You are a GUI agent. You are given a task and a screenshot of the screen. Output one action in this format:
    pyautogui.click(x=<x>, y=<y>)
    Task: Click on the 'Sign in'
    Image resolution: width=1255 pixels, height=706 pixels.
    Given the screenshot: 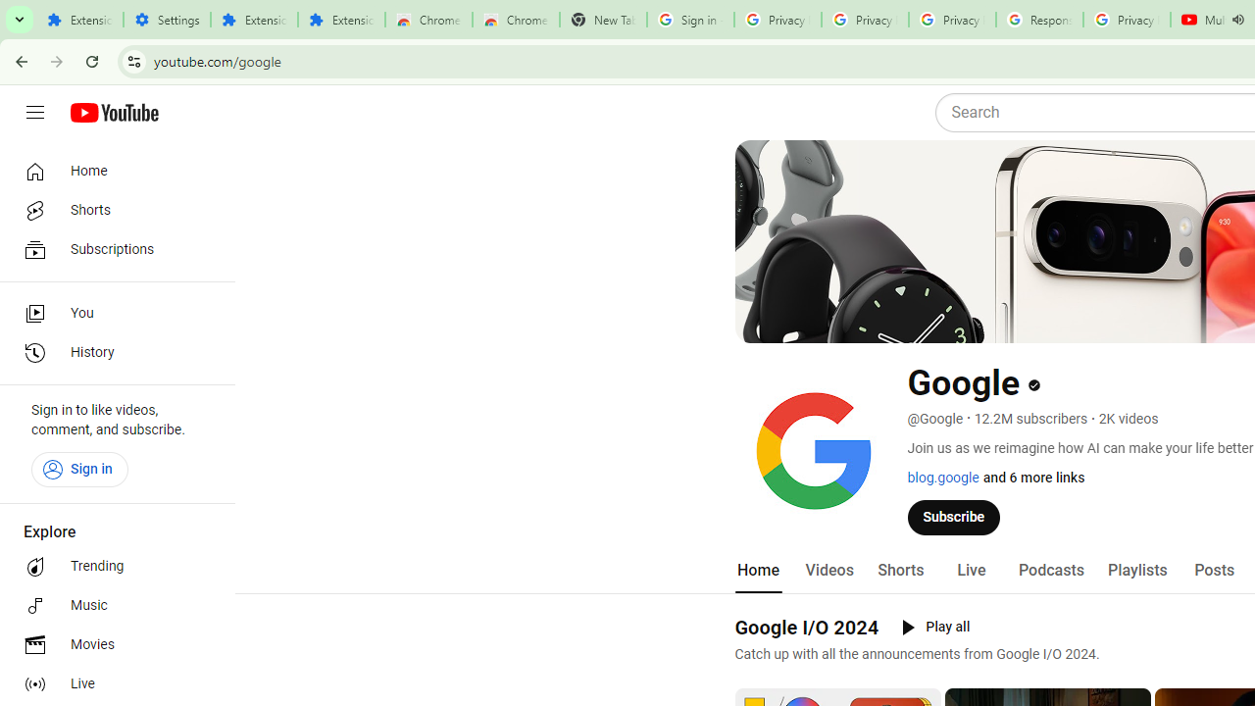 What is the action you would take?
    pyautogui.click(x=78, y=469)
    